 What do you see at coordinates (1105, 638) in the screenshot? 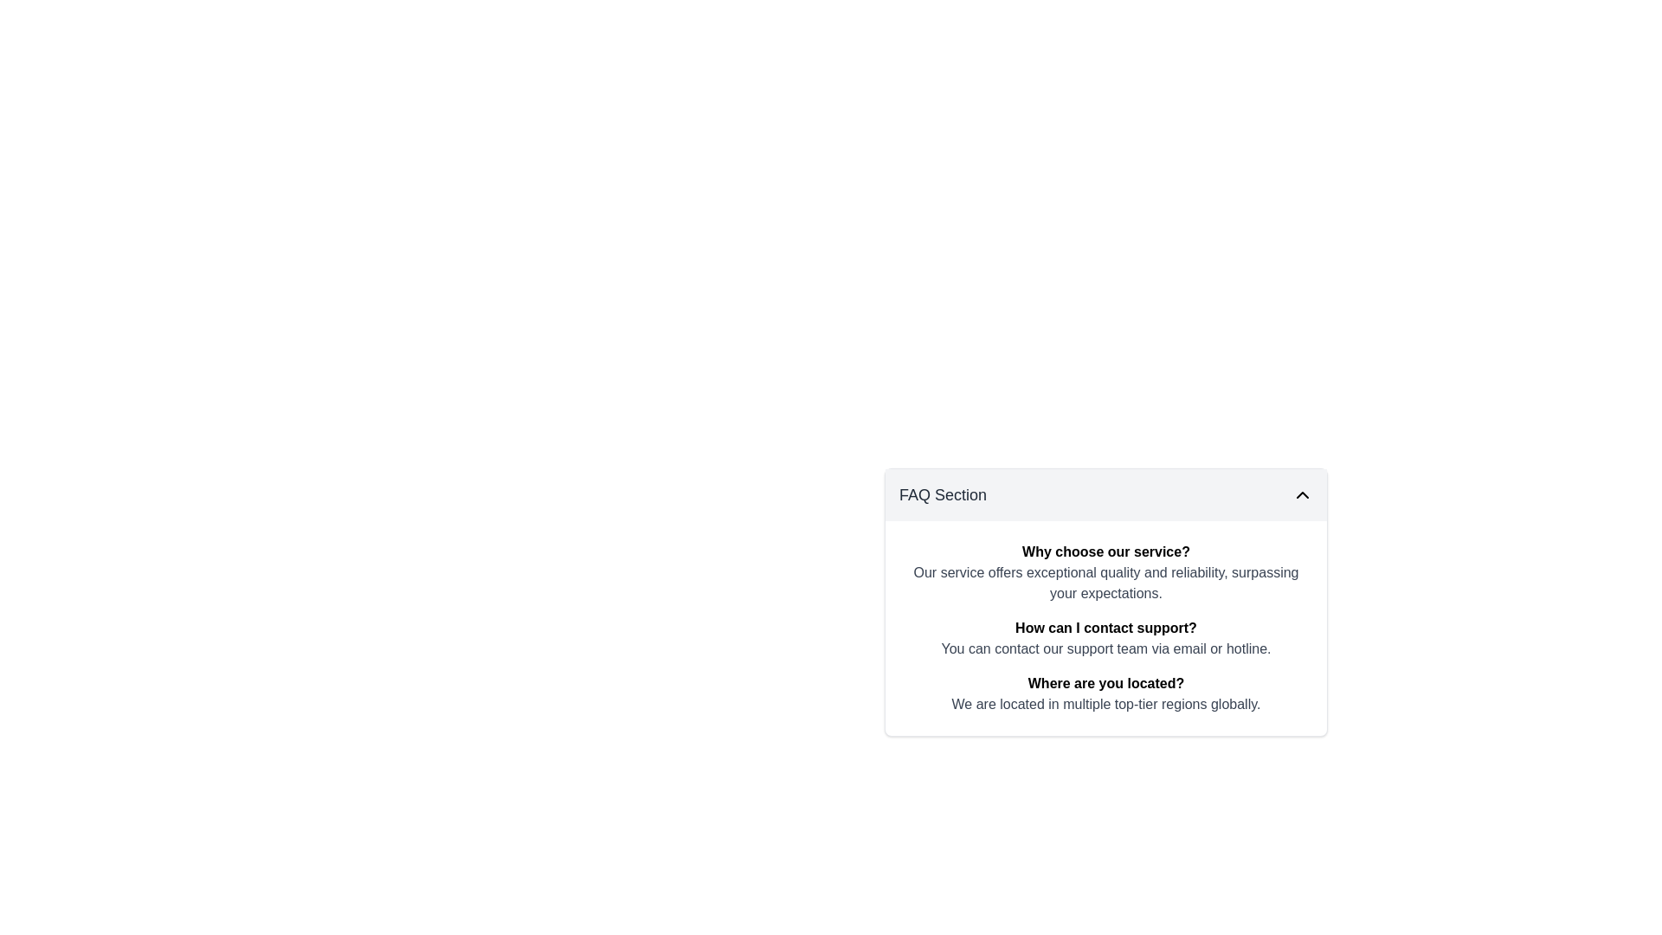
I see `the information block titled 'How can I contact support?' which contains explanatory text about contacting the support team, positioned between the blocks 'Why choose our service?' and 'Where are you located?'` at bounding box center [1105, 638].